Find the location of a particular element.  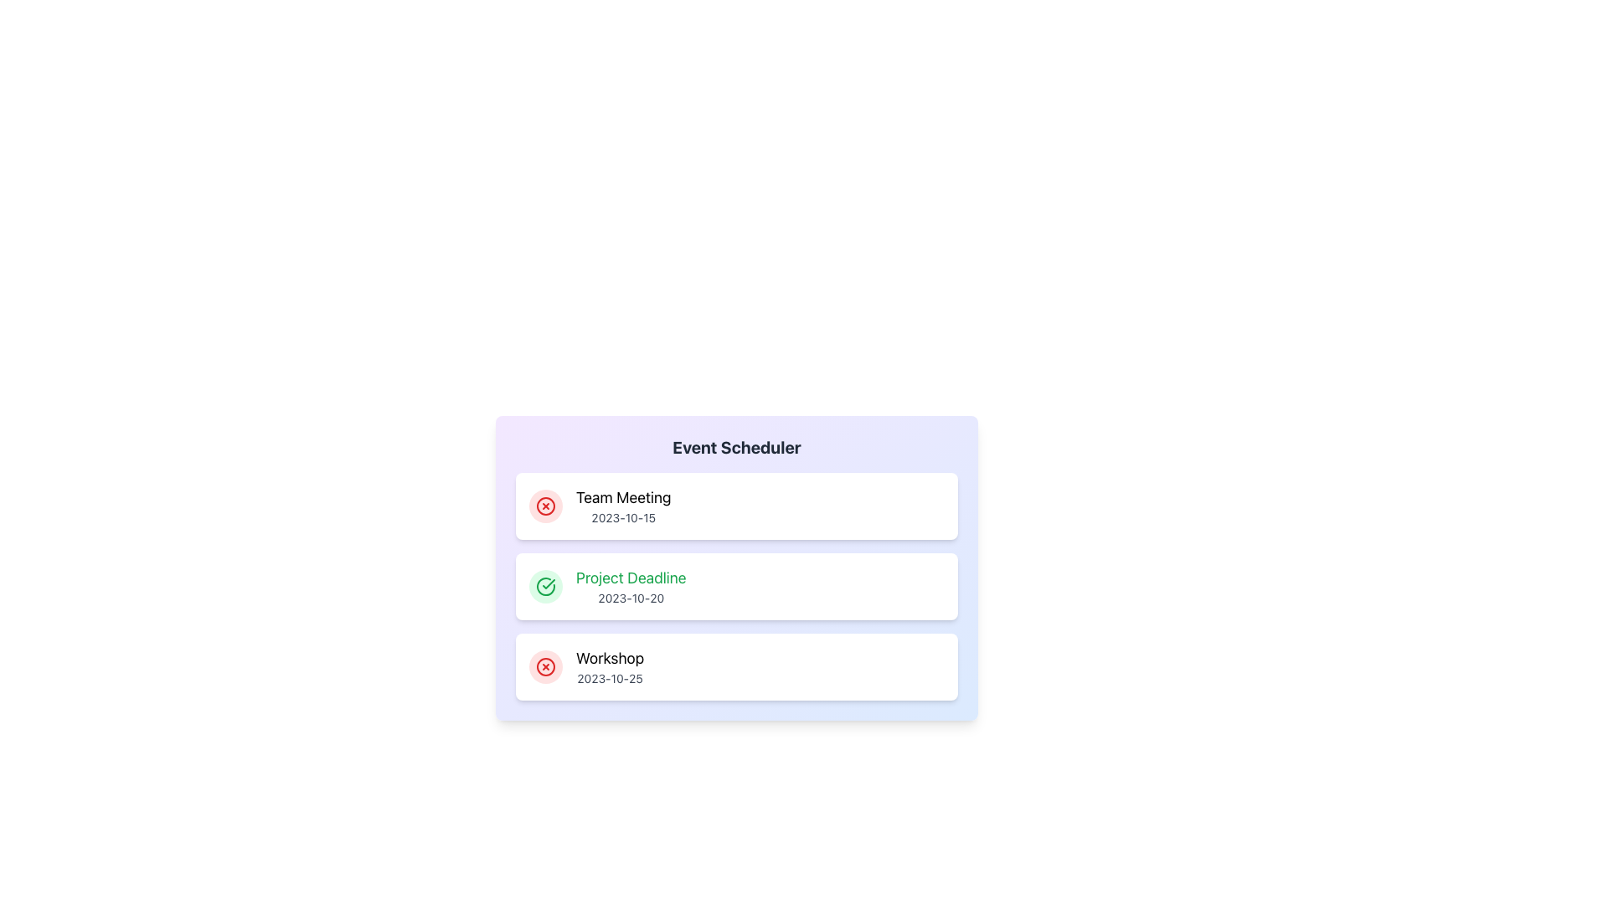

the circular red button with an 'X' symbol, located to the left of the 'Team Meeting' entry dated '2023-10-15' in the 'Event Scheduler' interface is located at coordinates (546, 506).